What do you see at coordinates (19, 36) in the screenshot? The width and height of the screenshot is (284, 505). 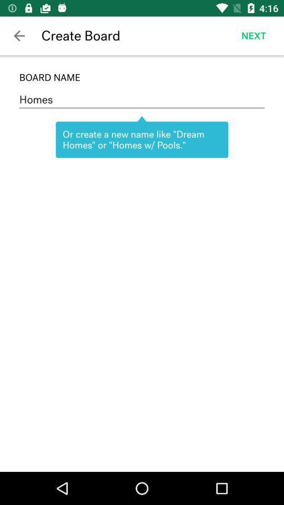 I see `the app to the left of the create board icon` at bounding box center [19, 36].